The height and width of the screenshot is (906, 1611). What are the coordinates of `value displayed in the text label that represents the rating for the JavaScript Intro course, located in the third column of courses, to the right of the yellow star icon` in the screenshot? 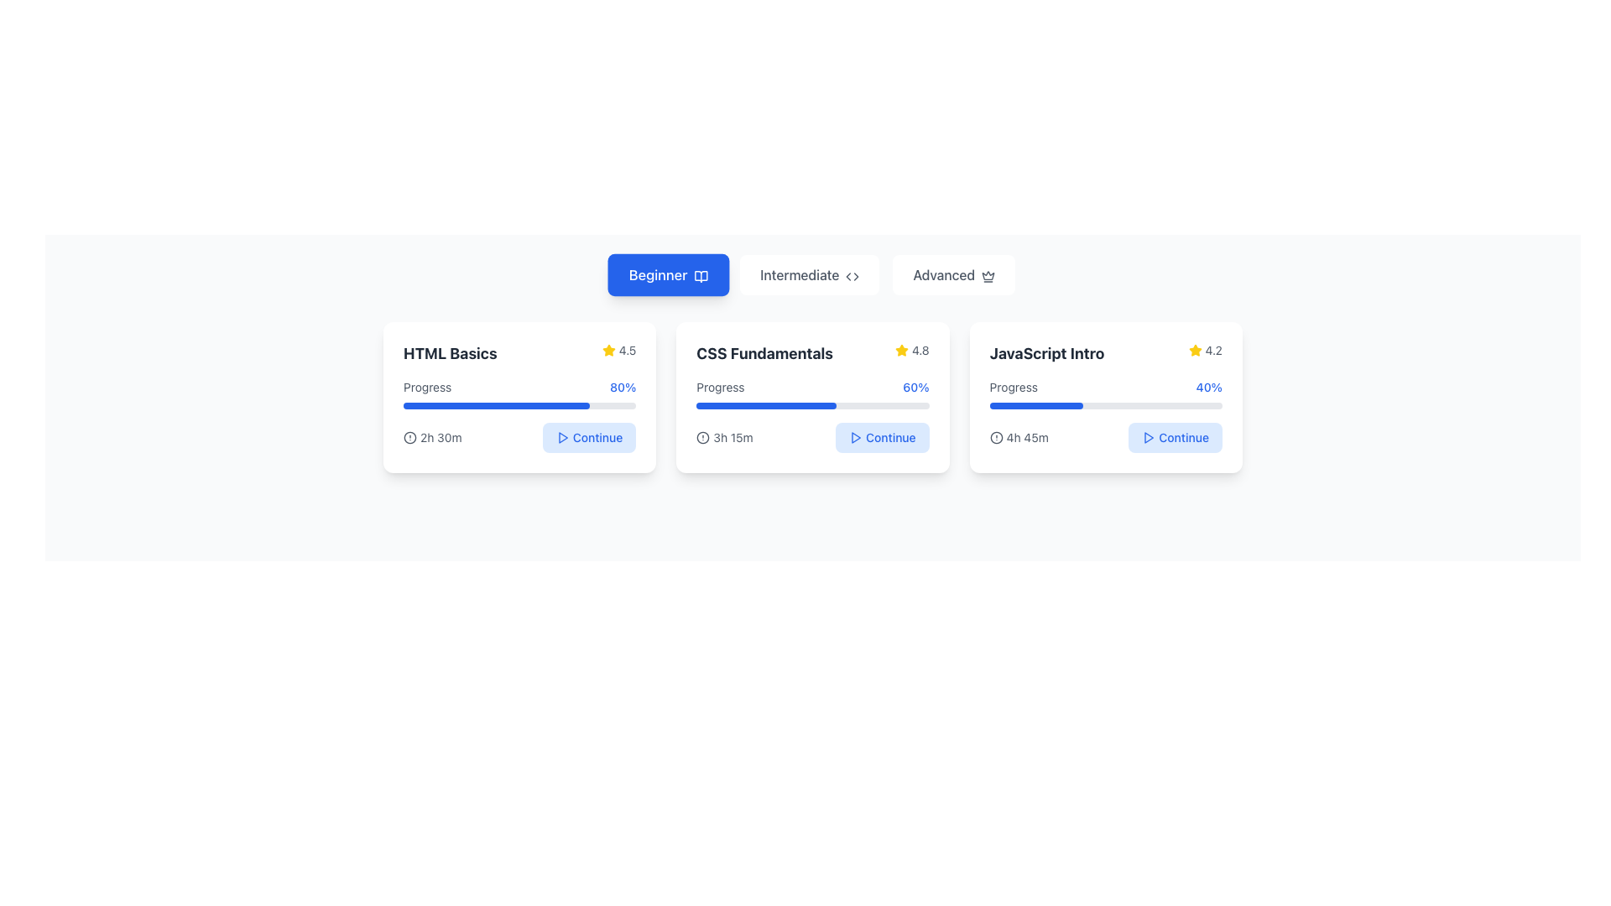 It's located at (1213, 349).